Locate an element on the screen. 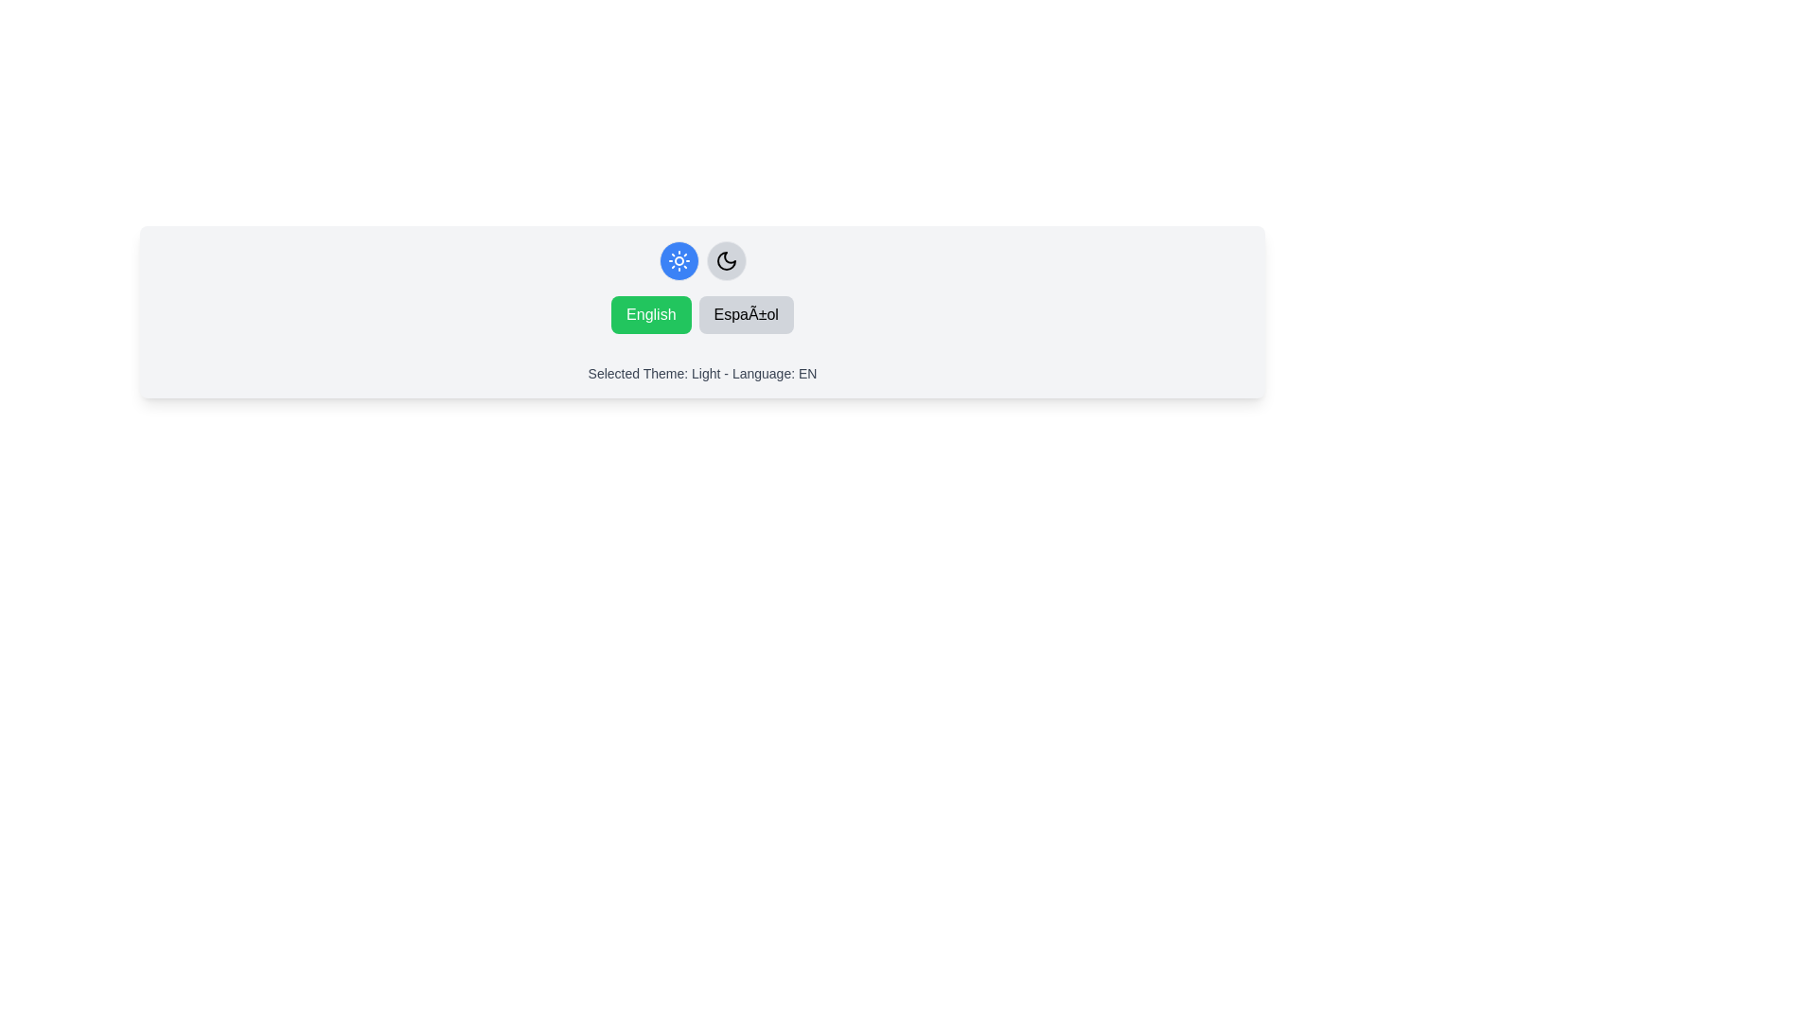 The width and height of the screenshot is (1817, 1022). the sun icon, which is a minimalistic white representation within a circular blue button, located near the top center of the UI is located at coordinates (679, 261).